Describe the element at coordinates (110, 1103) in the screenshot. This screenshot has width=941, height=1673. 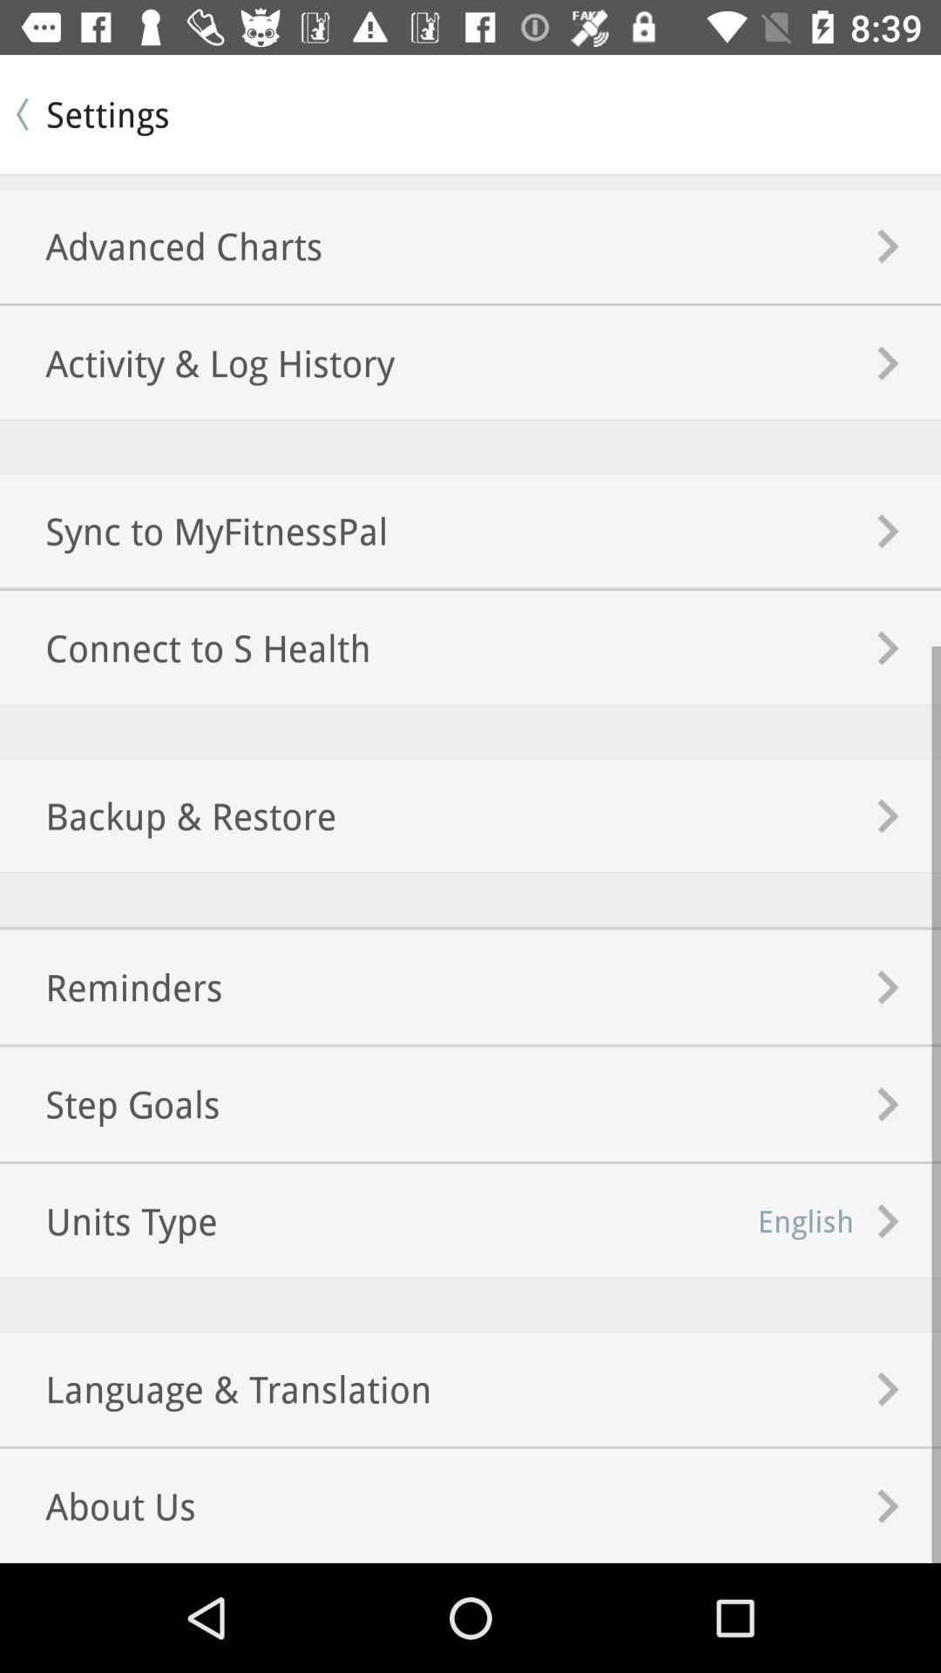
I see `the icon above units type item` at that location.